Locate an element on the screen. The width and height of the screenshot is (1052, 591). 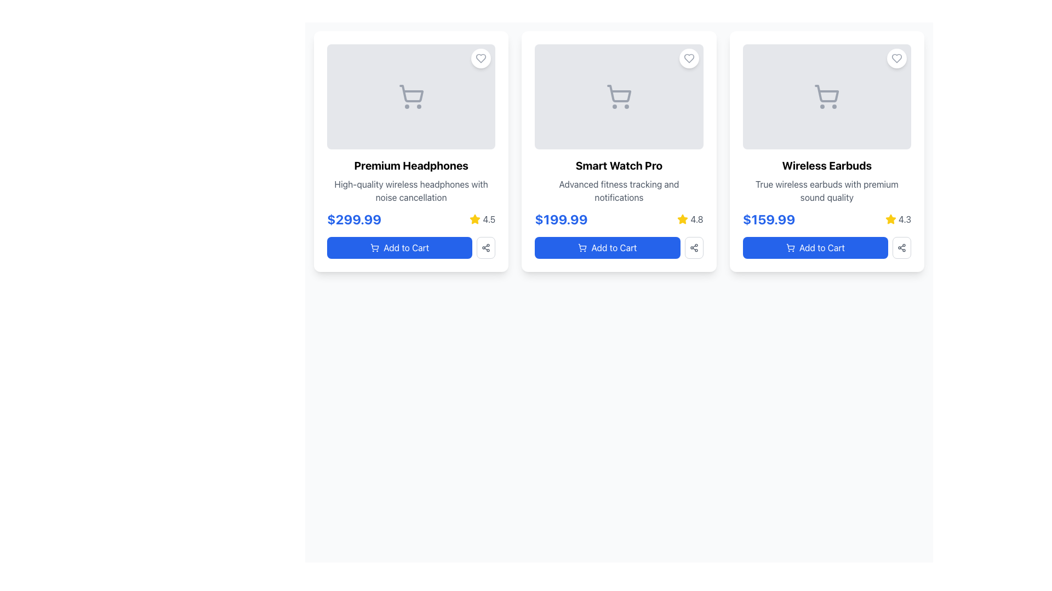
the shopping cart icon, which is a minimalist light gray icon featuring a rounded rectangular cart with two wheels, prominently displayed within the product card for 'Wireless Earbuds' is located at coordinates (827, 96).